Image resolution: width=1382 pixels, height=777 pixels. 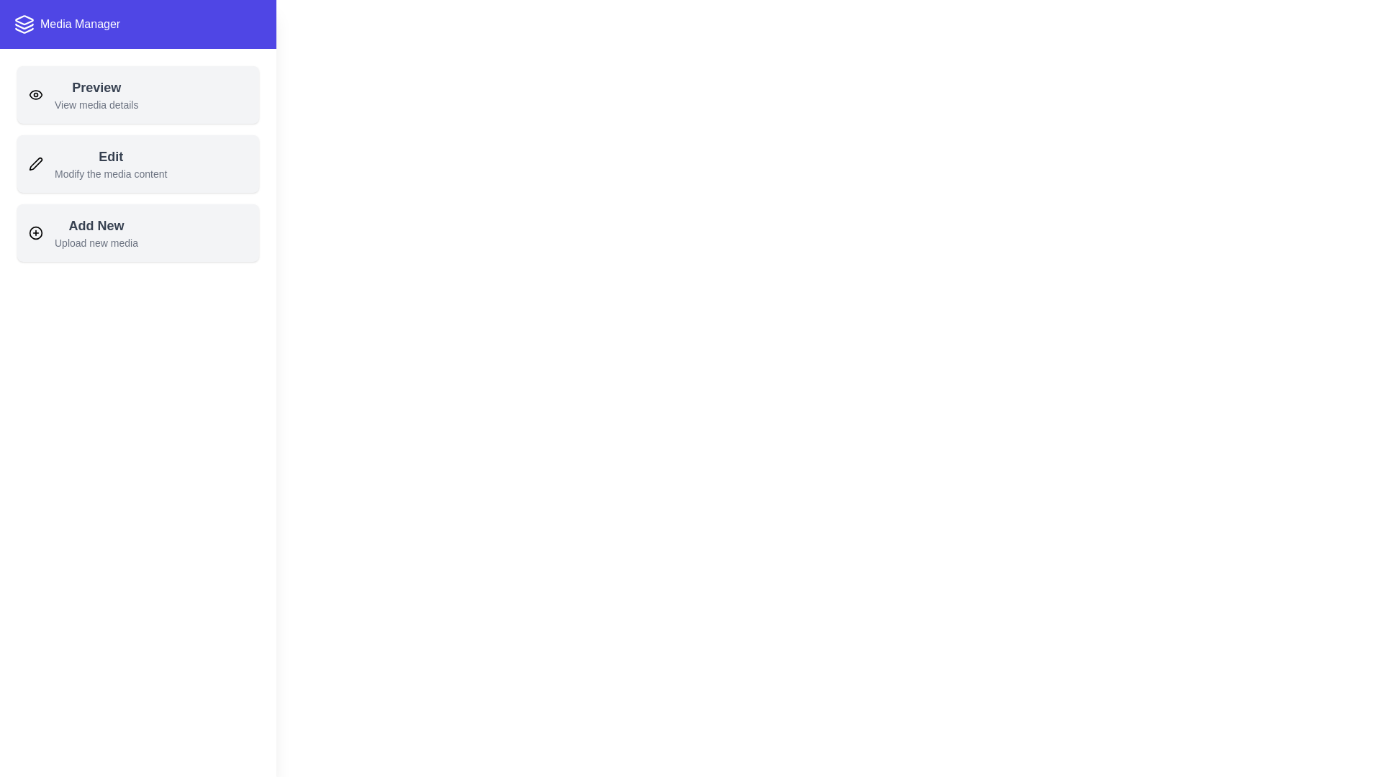 What do you see at coordinates (138, 94) in the screenshot?
I see `the 'Preview' button to view media details` at bounding box center [138, 94].